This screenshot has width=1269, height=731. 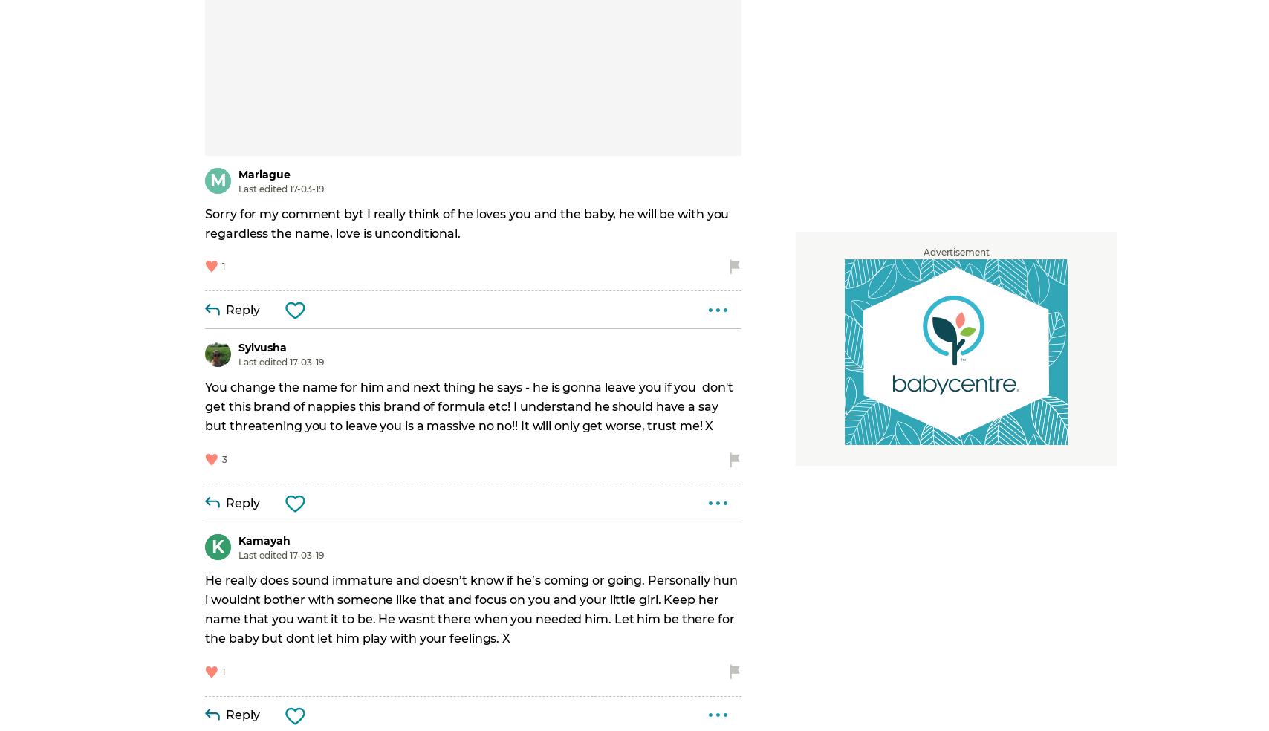 What do you see at coordinates (218, 547) in the screenshot?
I see `'k'` at bounding box center [218, 547].